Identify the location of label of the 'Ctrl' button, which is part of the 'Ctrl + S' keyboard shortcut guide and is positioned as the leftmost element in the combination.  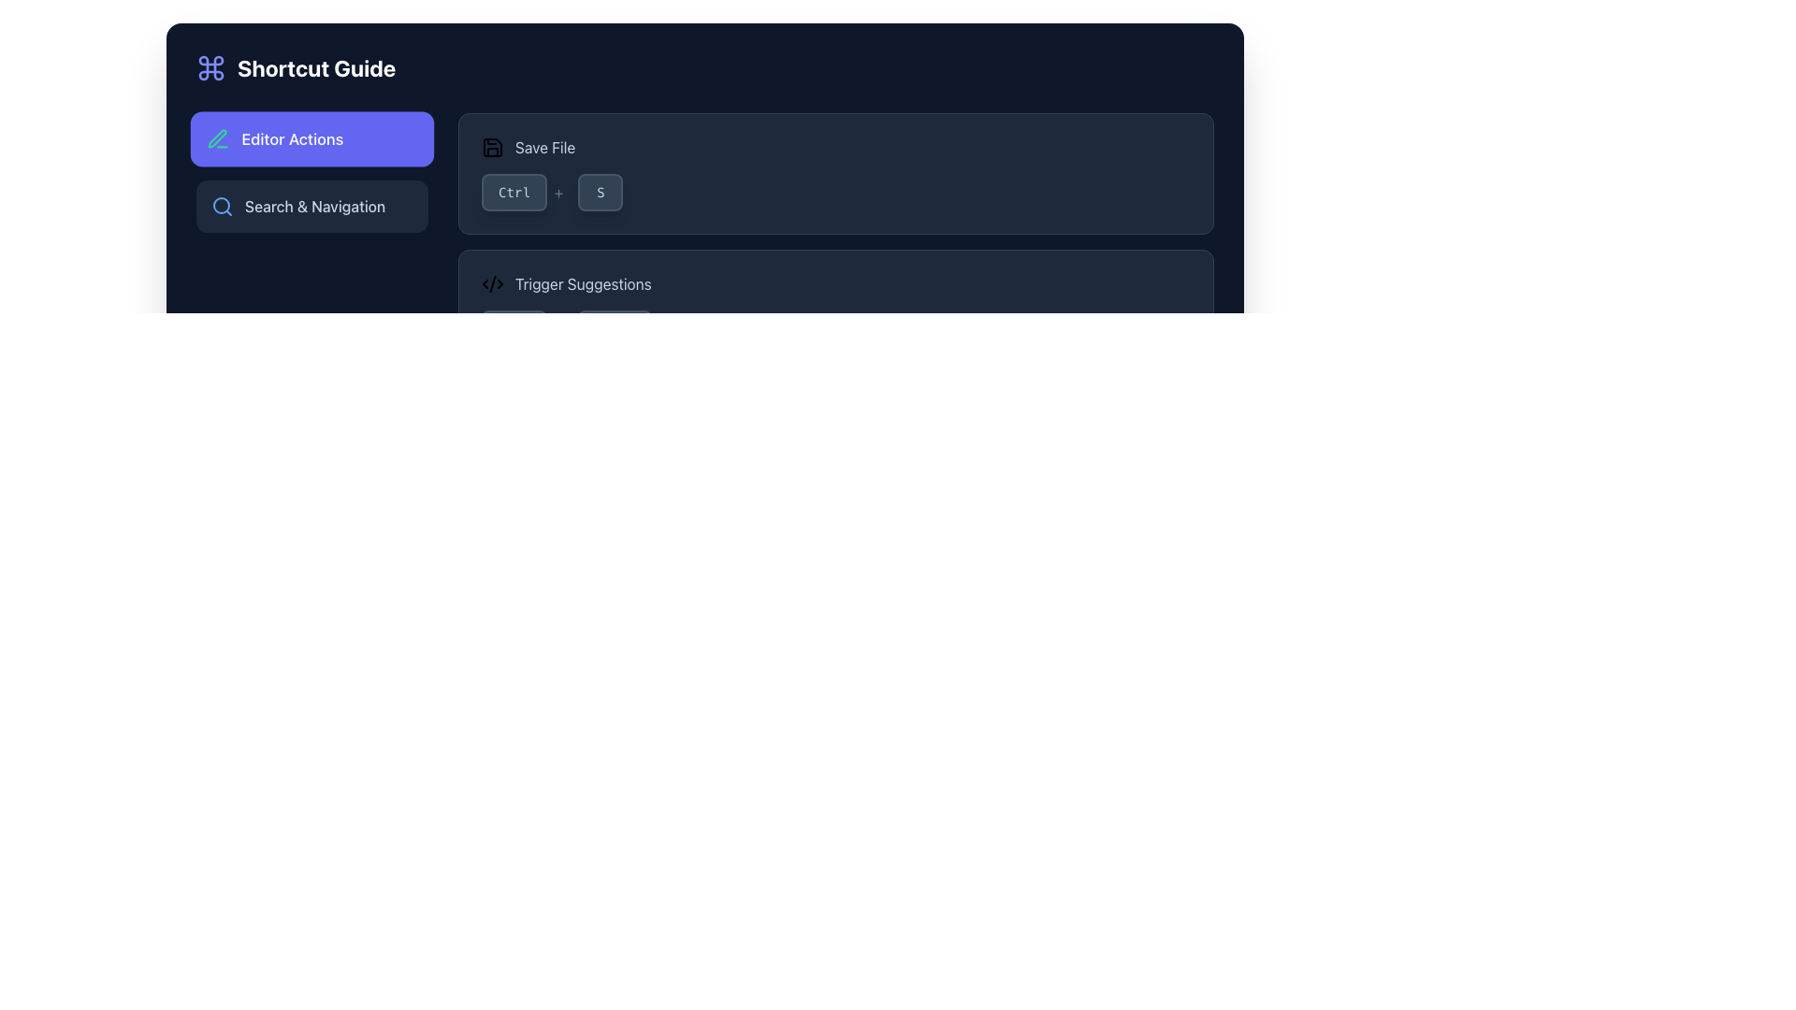
(514, 192).